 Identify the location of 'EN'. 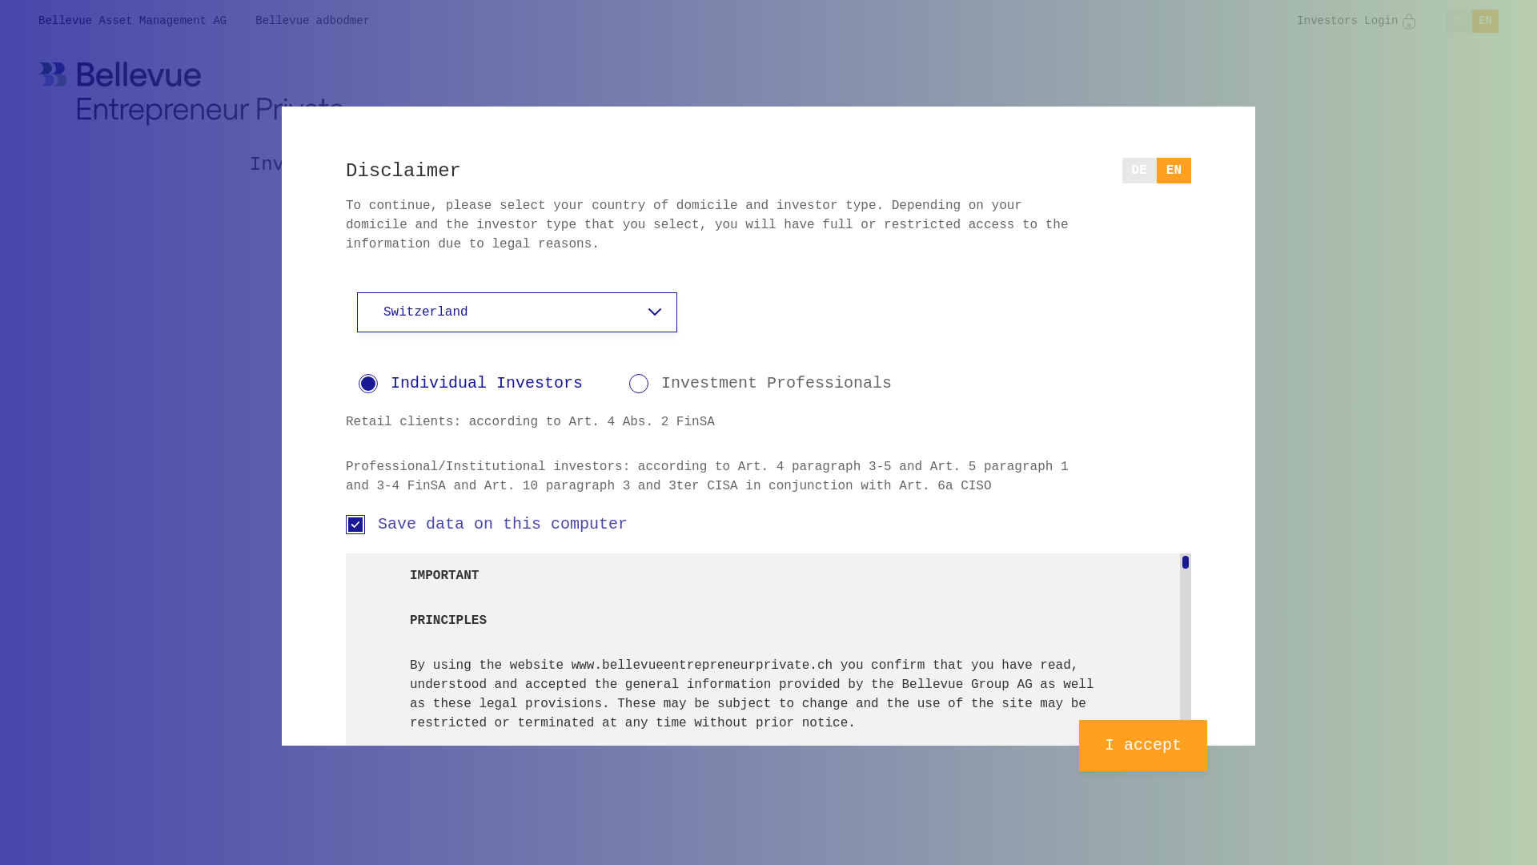
(1484, 21).